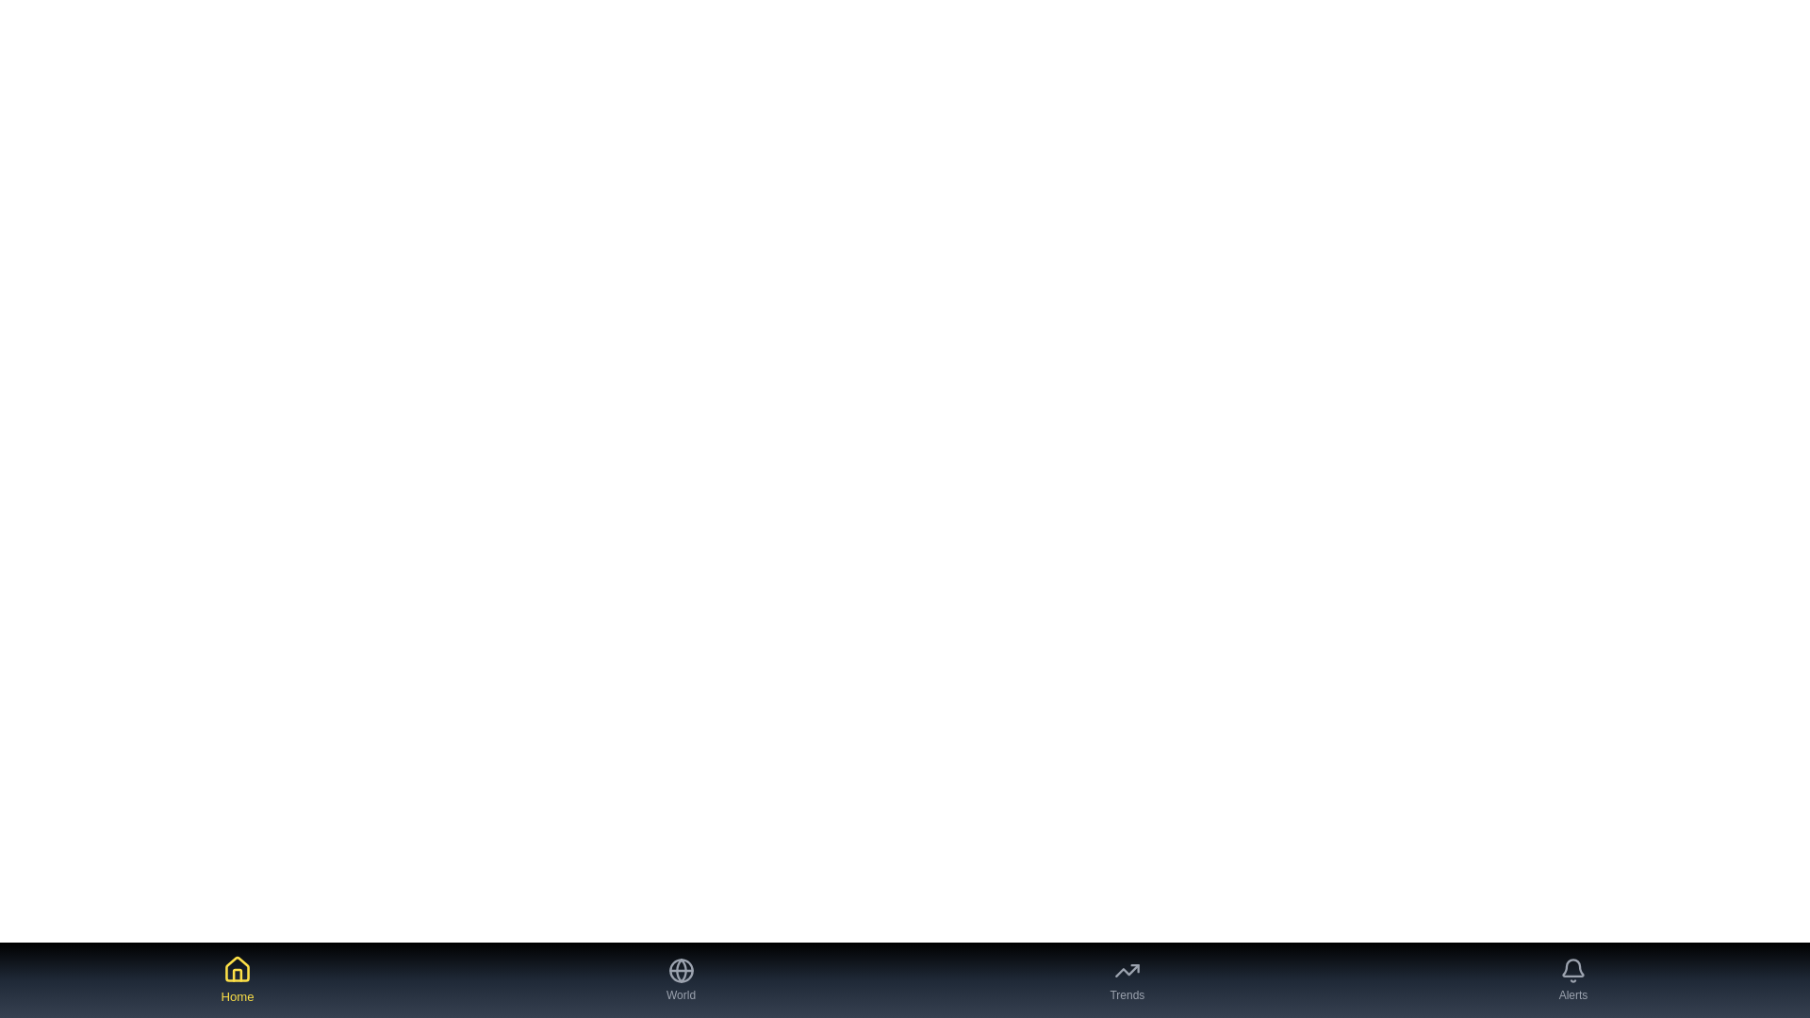  What do you see at coordinates (236, 979) in the screenshot?
I see `the Home tab to inspect its visual feedback` at bounding box center [236, 979].